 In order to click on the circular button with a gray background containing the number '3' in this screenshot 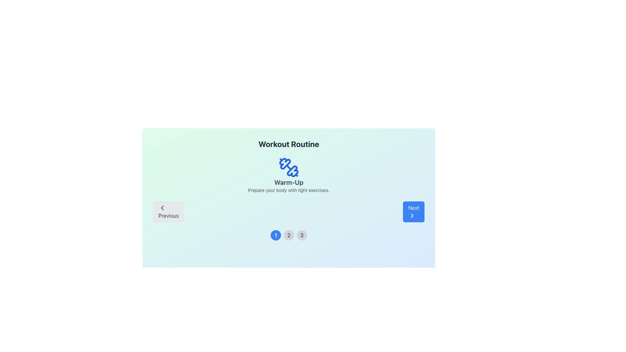, I will do `click(302, 235)`.